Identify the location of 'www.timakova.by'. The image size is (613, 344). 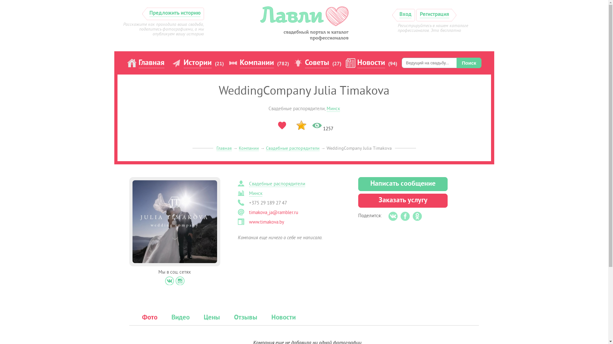
(248, 222).